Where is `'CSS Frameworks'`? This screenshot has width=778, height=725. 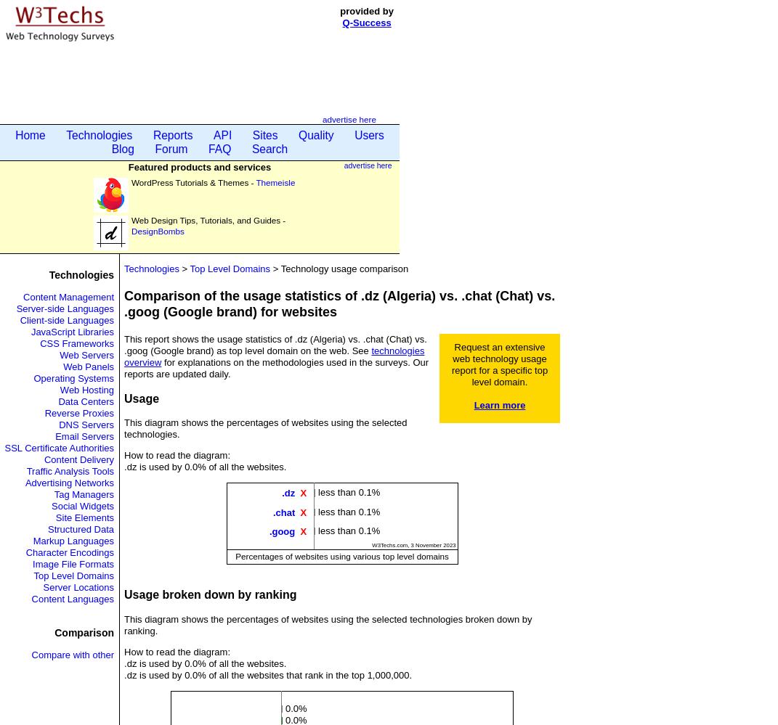 'CSS Frameworks' is located at coordinates (77, 343).